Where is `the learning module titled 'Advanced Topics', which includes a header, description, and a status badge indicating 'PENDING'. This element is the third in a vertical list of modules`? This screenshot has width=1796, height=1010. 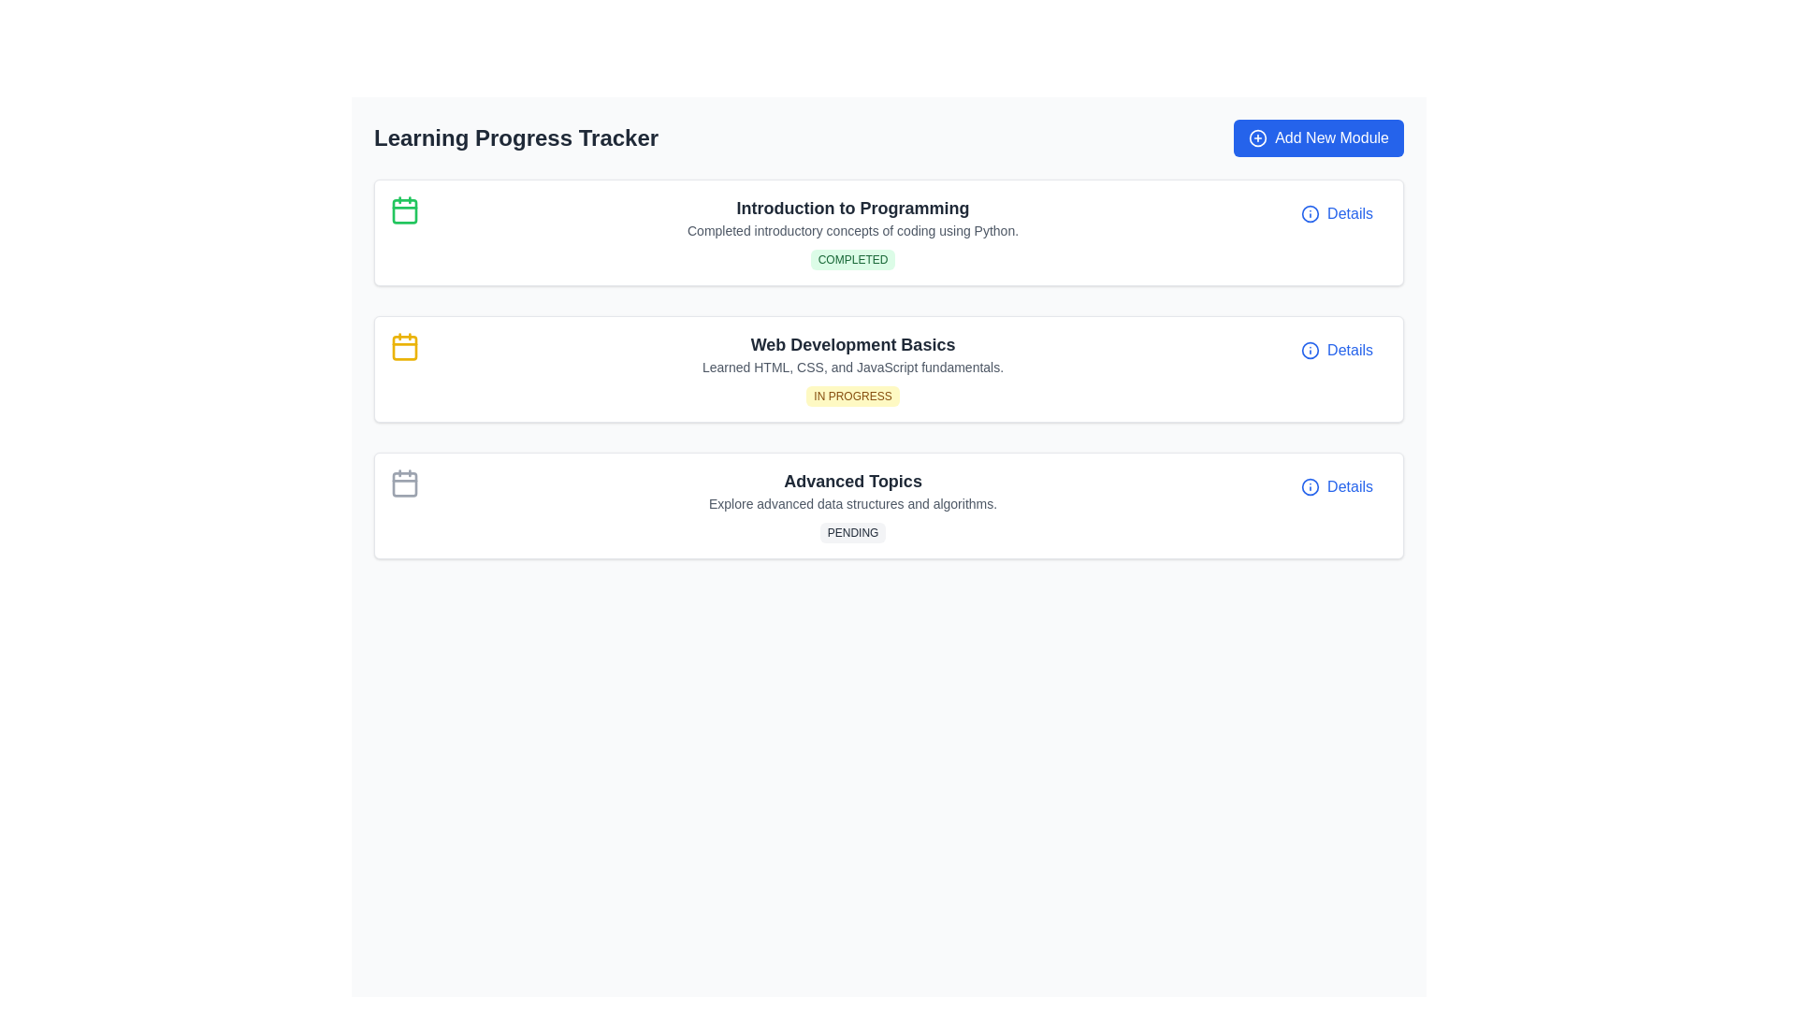
the learning module titled 'Advanced Topics', which includes a header, description, and a status badge indicating 'PENDING'. This element is the third in a vertical list of modules is located at coordinates (852, 505).